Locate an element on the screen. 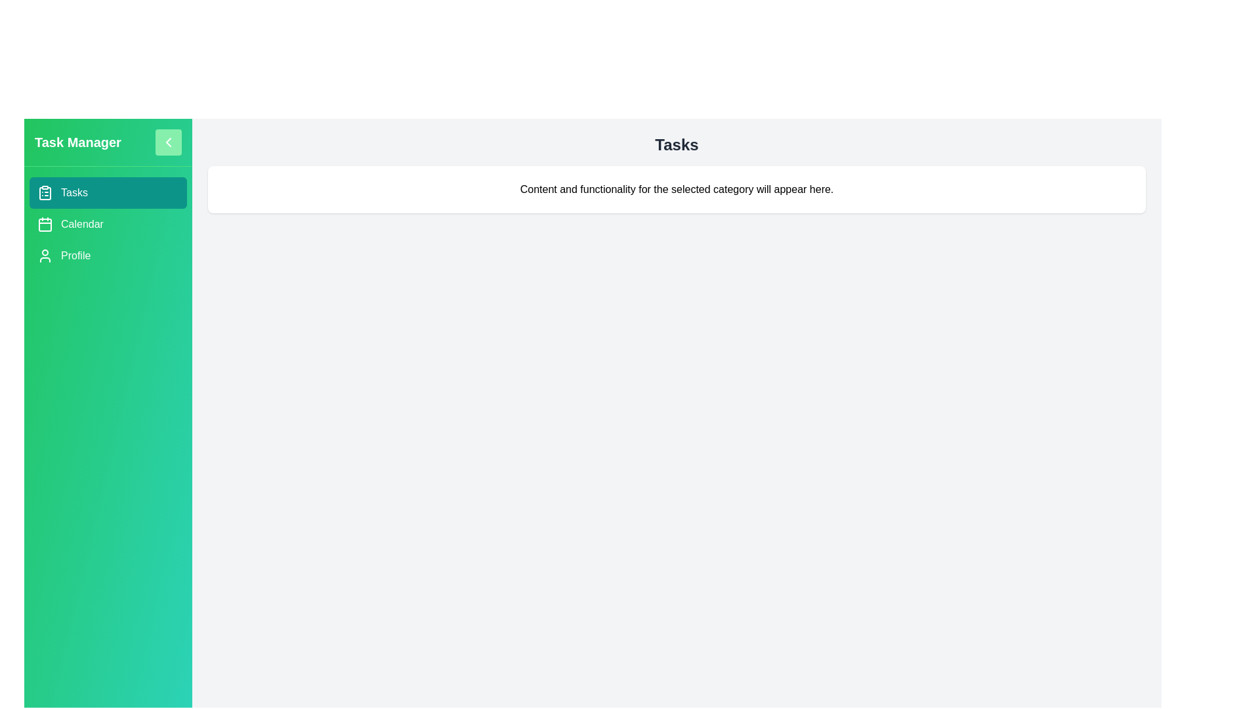 The image size is (1260, 709). toggle button to hide the sidebar is located at coordinates (168, 142).